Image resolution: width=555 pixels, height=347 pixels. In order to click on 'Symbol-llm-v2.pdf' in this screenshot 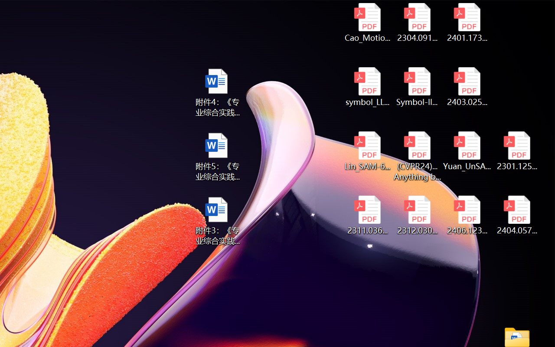, I will do `click(417, 87)`.